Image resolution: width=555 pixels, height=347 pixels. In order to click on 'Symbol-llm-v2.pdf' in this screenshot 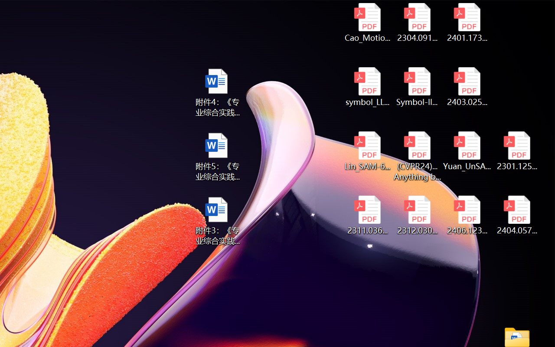, I will do `click(417, 87)`.